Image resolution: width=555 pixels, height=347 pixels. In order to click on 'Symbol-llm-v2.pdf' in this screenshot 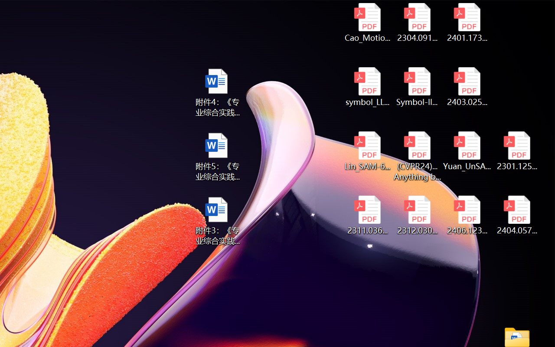, I will do `click(417, 87)`.